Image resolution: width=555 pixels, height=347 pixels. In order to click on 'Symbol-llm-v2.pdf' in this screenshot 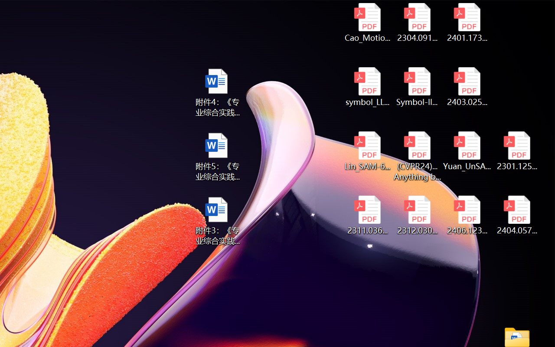, I will do `click(417, 87)`.